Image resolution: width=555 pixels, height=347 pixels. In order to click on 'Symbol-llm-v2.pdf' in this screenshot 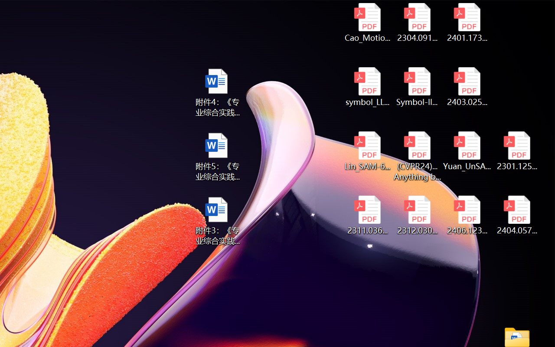, I will do `click(417, 87)`.